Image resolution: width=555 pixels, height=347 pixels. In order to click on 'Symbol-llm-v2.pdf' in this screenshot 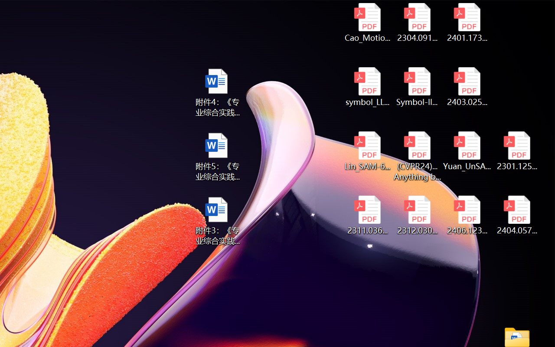, I will do `click(417, 87)`.